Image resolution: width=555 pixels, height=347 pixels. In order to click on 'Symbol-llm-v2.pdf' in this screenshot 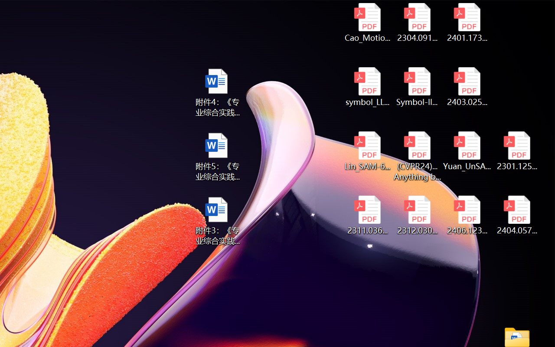, I will do `click(417, 87)`.